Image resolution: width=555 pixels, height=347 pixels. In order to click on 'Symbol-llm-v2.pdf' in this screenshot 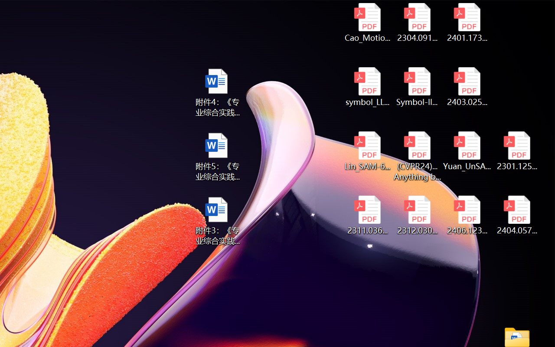, I will do `click(417, 87)`.